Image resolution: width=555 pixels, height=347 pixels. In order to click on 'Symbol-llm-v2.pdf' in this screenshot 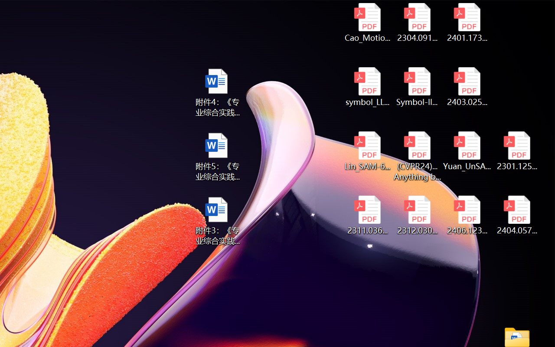, I will do `click(417, 87)`.